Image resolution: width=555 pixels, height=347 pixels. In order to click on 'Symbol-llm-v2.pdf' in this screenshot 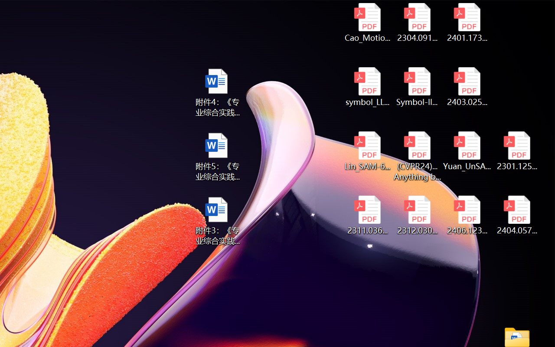, I will do `click(417, 87)`.